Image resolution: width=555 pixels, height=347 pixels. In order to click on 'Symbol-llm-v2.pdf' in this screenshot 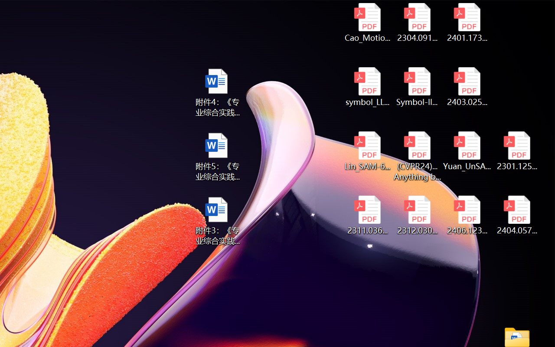, I will do `click(417, 87)`.